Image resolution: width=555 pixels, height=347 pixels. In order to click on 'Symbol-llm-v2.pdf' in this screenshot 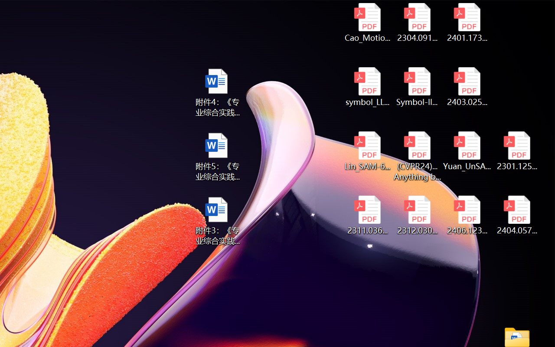, I will do `click(417, 87)`.